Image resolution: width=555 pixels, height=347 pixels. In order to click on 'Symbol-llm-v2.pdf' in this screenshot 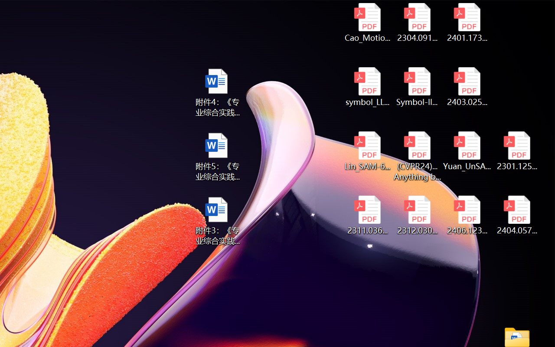, I will do `click(417, 87)`.